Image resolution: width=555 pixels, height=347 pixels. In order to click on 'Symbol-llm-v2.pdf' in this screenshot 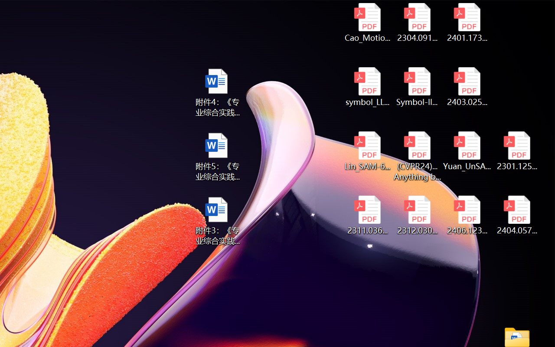, I will do `click(417, 87)`.